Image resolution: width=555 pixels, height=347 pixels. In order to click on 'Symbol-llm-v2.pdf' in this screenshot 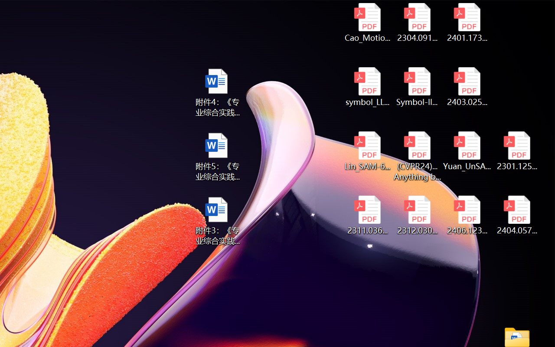, I will do `click(417, 87)`.